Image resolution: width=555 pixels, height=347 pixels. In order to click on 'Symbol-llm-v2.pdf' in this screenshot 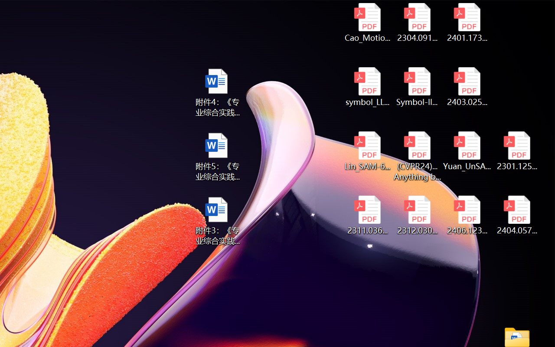, I will do `click(417, 87)`.